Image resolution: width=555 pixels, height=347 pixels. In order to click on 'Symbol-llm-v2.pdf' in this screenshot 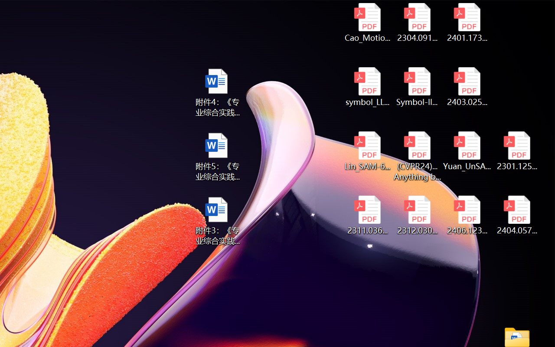, I will do `click(417, 87)`.